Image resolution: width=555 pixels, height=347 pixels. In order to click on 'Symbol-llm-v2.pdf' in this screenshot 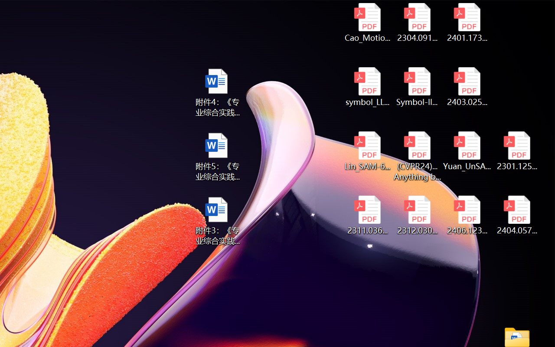, I will do `click(417, 87)`.